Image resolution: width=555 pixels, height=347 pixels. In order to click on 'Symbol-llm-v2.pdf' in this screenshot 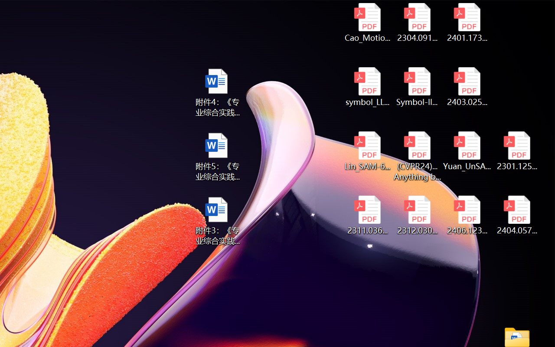, I will do `click(417, 87)`.